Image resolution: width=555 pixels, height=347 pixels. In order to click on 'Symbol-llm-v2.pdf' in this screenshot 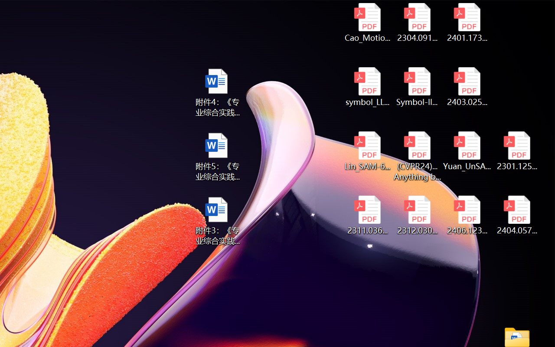, I will do `click(417, 87)`.